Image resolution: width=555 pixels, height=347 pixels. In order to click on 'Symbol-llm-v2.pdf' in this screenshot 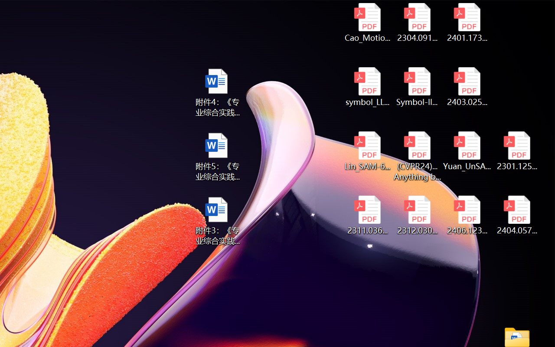, I will do `click(417, 87)`.